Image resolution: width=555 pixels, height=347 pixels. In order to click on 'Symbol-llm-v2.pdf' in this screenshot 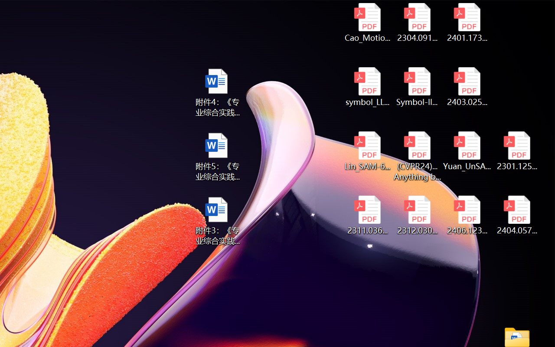, I will do `click(417, 87)`.